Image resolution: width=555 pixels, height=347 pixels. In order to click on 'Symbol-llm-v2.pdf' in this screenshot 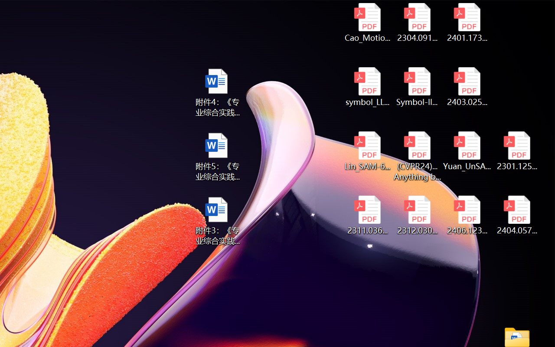, I will do `click(417, 87)`.